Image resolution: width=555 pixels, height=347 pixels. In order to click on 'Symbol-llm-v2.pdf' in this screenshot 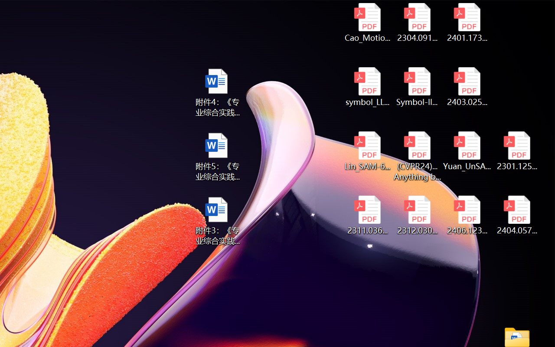, I will do `click(417, 87)`.